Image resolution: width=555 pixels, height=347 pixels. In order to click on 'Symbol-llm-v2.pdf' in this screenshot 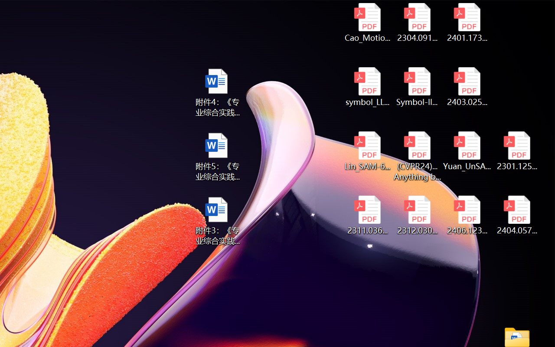, I will do `click(417, 87)`.